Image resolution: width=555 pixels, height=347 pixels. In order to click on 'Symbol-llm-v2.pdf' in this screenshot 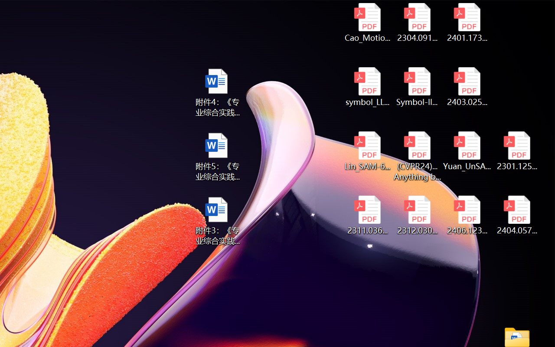, I will do `click(417, 87)`.